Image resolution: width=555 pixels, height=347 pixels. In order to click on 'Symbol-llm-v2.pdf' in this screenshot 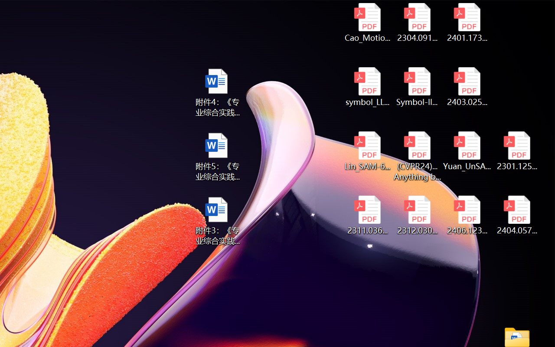, I will do `click(417, 87)`.